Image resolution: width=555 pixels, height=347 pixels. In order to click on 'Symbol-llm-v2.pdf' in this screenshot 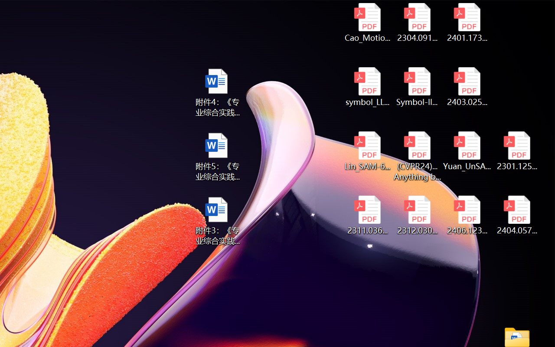, I will do `click(417, 87)`.